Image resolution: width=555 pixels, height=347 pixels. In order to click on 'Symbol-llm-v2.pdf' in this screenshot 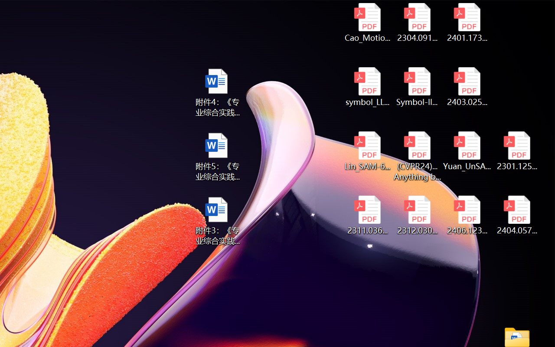, I will do `click(417, 87)`.